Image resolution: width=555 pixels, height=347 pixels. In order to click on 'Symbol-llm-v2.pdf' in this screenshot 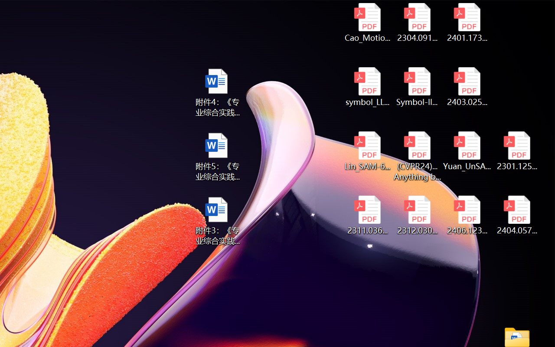, I will do `click(417, 87)`.